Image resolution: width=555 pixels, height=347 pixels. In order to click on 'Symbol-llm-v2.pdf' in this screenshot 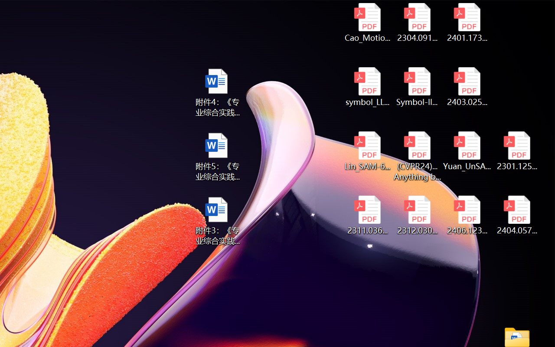, I will do `click(417, 87)`.